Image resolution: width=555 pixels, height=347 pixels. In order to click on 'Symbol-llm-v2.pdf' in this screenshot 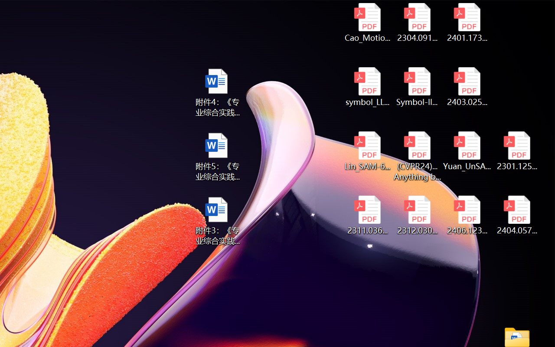, I will do `click(417, 87)`.